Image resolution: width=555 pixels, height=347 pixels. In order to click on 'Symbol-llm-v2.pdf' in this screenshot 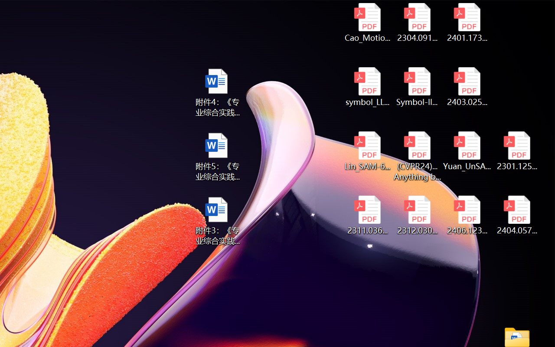, I will do `click(417, 87)`.